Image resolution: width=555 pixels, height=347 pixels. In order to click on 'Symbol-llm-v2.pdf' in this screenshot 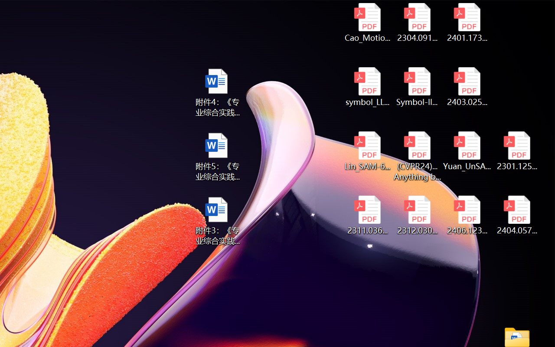, I will do `click(417, 87)`.